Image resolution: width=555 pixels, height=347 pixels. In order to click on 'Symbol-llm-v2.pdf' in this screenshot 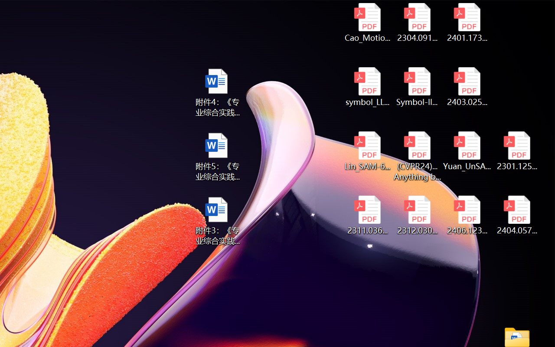, I will do `click(417, 87)`.